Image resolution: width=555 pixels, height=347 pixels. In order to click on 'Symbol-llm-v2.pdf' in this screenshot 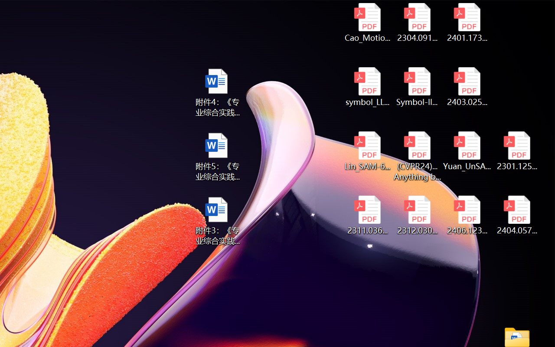, I will do `click(417, 87)`.